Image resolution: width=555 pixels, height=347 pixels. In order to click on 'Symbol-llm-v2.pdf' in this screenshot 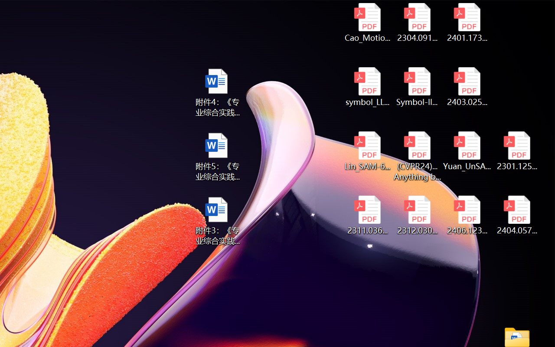, I will do `click(417, 87)`.